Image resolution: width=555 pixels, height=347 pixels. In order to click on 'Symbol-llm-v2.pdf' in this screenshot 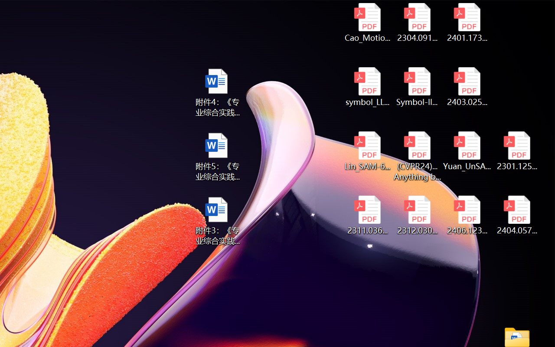, I will do `click(417, 87)`.